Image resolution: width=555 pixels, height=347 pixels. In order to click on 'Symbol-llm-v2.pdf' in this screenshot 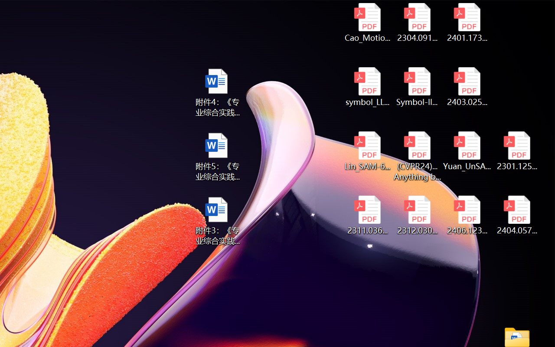, I will do `click(417, 87)`.